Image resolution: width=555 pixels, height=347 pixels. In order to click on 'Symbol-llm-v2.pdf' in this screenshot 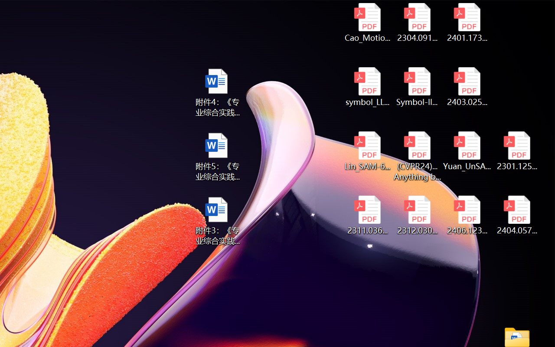, I will do `click(417, 87)`.